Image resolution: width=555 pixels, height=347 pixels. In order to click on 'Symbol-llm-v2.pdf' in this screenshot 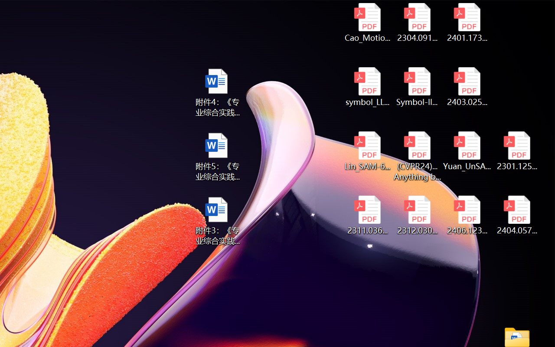, I will do `click(417, 87)`.